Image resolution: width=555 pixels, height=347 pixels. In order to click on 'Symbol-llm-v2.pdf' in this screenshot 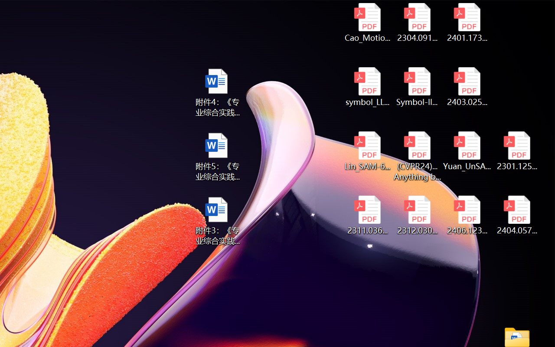, I will do `click(417, 87)`.